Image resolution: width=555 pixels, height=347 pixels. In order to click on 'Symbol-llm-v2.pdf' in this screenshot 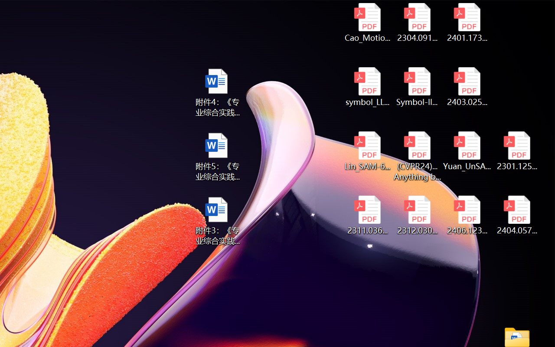, I will do `click(417, 87)`.